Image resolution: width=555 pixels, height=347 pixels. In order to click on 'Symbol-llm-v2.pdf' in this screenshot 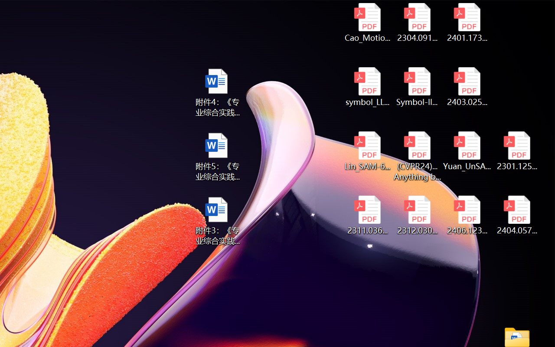, I will do `click(417, 87)`.